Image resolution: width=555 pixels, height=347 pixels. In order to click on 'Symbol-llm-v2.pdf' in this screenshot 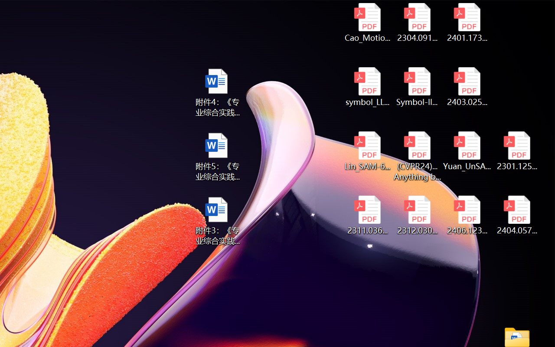, I will do `click(417, 87)`.